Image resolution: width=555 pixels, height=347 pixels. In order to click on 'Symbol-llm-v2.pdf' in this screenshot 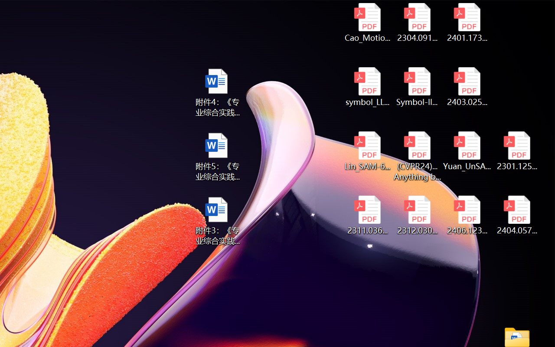, I will do `click(417, 87)`.